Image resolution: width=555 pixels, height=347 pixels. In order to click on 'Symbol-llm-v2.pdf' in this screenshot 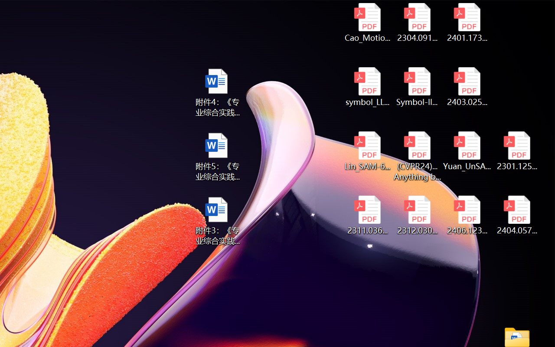, I will do `click(417, 87)`.